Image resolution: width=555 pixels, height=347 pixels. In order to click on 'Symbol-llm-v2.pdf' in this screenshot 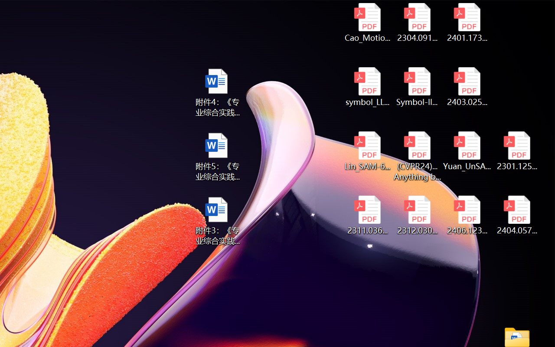, I will do `click(417, 87)`.